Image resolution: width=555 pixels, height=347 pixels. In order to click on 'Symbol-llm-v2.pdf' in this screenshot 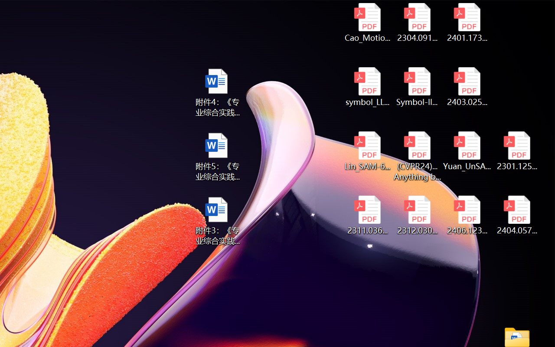, I will do `click(417, 87)`.